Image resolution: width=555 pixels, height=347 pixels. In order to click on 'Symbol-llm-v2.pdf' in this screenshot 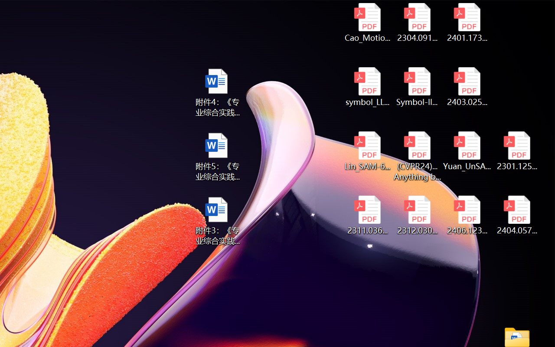, I will do `click(417, 87)`.